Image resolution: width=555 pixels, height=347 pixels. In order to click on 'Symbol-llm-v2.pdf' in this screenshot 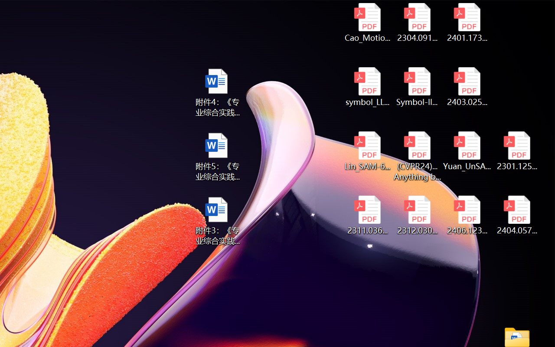, I will do `click(417, 87)`.